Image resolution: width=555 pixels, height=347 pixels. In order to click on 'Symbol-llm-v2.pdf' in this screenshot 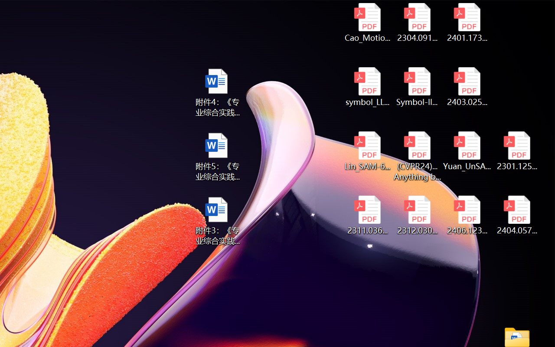, I will do `click(417, 87)`.